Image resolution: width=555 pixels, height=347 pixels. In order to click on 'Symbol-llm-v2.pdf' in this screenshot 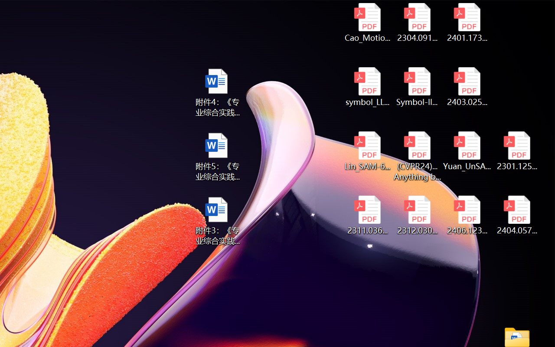, I will do `click(417, 87)`.